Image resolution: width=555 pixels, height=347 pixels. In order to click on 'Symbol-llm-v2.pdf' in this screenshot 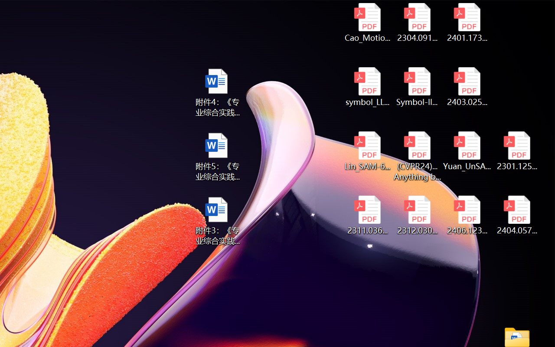, I will do `click(417, 87)`.